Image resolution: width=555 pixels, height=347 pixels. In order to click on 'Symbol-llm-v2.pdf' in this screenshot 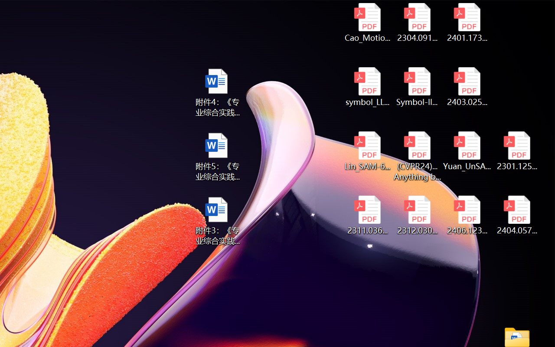, I will do `click(417, 87)`.